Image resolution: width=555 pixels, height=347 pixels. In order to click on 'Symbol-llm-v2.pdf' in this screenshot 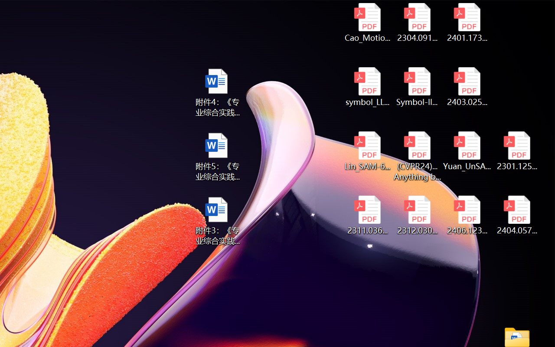, I will do `click(417, 87)`.